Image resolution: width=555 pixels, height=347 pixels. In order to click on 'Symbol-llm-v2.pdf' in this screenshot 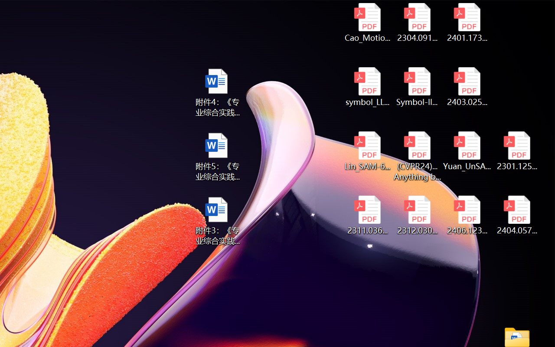, I will do `click(417, 87)`.